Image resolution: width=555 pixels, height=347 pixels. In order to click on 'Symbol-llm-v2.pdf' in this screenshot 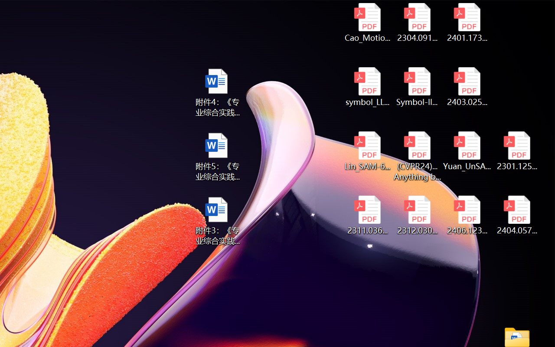, I will do `click(417, 87)`.